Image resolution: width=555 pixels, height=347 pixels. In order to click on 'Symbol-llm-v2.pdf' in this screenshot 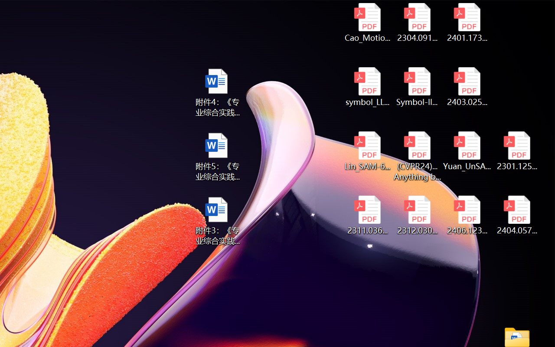, I will do `click(417, 87)`.